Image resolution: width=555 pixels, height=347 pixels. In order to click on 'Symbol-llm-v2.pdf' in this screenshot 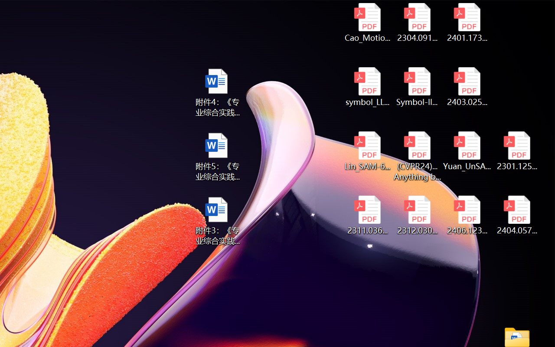, I will do `click(417, 87)`.